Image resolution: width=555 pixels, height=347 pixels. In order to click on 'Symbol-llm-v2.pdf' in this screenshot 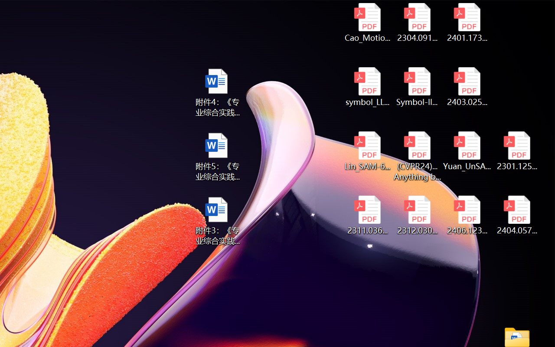, I will do `click(417, 87)`.